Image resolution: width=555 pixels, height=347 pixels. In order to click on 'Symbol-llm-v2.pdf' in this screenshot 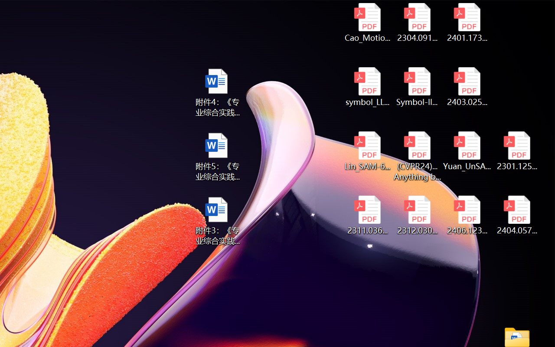, I will do `click(417, 87)`.